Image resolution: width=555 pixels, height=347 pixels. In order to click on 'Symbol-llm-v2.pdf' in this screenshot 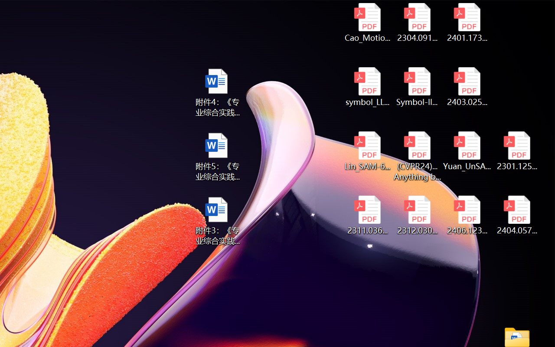, I will do `click(417, 87)`.